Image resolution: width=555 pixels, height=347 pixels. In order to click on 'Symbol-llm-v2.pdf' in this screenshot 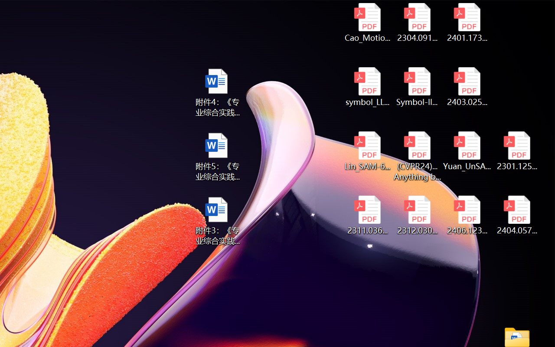, I will do `click(417, 87)`.